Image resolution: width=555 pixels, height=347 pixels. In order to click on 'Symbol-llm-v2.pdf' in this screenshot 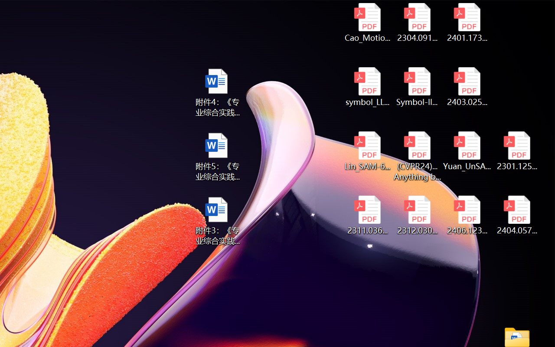, I will do `click(417, 87)`.